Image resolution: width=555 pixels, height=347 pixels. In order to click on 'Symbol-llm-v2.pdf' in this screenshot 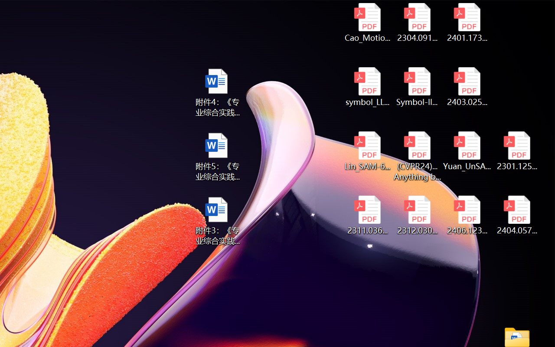, I will do `click(417, 87)`.